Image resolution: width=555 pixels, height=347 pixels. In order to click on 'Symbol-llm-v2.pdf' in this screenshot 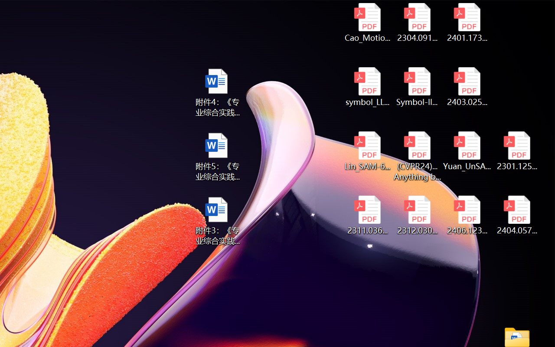, I will do `click(417, 87)`.